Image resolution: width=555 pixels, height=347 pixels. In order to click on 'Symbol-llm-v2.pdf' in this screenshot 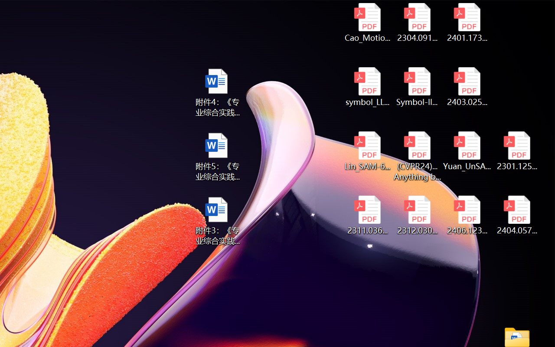, I will do `click(417, 87)`.